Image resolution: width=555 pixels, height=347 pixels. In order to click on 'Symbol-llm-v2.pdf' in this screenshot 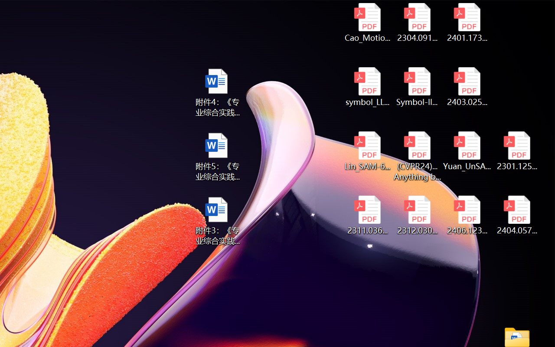, I will do `click(417, 87)`.